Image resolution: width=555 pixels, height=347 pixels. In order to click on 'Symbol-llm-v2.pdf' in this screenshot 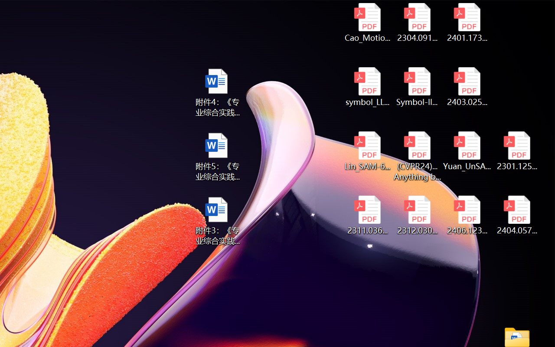, I will do `click(417, 87)`.